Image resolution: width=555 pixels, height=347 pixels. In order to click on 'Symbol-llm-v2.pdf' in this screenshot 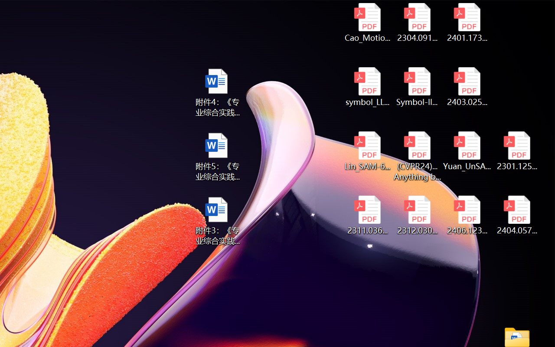, I will do `click(417, 87)`.